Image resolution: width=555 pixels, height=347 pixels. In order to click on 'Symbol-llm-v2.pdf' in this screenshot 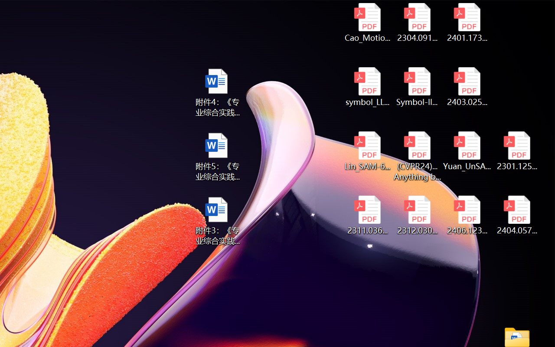, I will do `click(417, 87)`.